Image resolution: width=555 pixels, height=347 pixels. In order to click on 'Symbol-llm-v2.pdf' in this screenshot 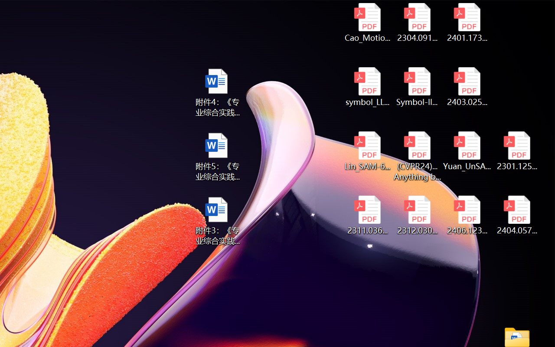, I will do `click(417, 87)`.